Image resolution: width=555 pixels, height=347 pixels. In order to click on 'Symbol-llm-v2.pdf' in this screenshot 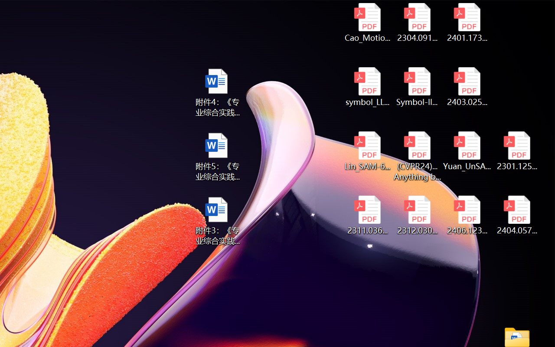, I will do `click(417, 87)`.